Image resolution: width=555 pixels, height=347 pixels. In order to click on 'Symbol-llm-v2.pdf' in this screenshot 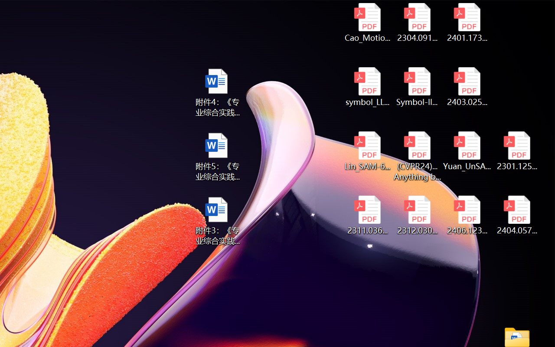, I will do `click(417, 87)`.